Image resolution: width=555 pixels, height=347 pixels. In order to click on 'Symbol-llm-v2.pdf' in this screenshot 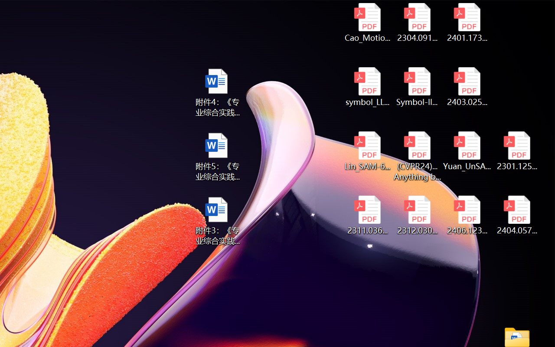, I will do `click(417, 87)`.